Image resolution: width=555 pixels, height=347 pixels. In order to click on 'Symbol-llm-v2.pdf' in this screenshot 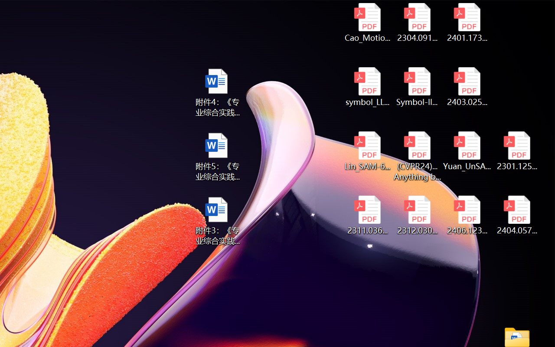, I will do `click(417, 87)`.